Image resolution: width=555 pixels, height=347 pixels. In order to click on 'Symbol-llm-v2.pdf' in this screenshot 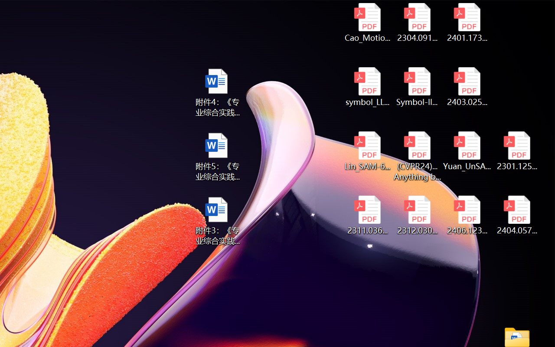, I will do `click(417, 87)`.